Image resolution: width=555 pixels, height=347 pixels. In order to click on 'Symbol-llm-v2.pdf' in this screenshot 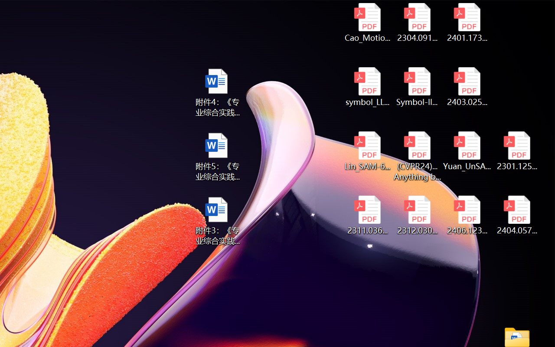, I will do `click(417, 87)`.